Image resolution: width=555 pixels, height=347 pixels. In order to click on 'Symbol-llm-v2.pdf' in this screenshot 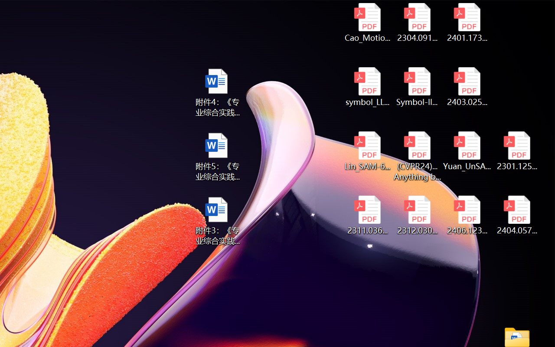, I will do `click(417, 87)`.